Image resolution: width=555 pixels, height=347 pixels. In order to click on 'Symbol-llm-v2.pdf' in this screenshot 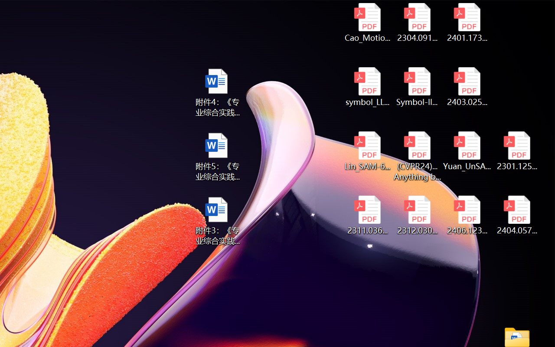, I will do `click(417, 87)`.